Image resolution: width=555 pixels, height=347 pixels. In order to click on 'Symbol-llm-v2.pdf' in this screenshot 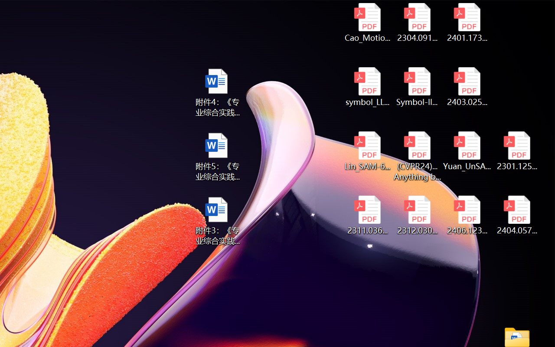, I will do `click(417, 87)`.